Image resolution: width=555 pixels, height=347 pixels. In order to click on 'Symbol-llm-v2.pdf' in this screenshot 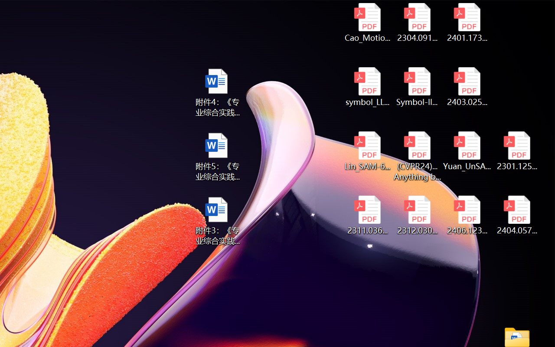, I will do `click(417, 87)`.